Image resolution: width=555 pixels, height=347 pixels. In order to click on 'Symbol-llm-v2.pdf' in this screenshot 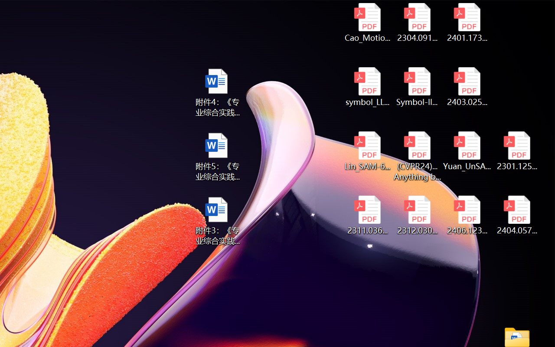, I will do `click(417, 87)`.